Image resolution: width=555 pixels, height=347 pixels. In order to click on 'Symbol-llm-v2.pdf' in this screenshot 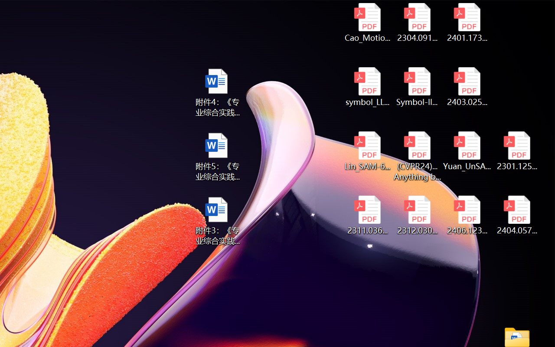, I will do `click(417, 87)`.